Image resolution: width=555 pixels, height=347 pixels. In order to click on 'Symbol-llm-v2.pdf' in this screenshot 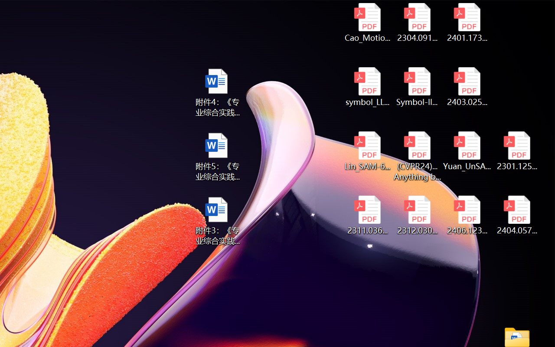, I will do `click(417, 87)`.